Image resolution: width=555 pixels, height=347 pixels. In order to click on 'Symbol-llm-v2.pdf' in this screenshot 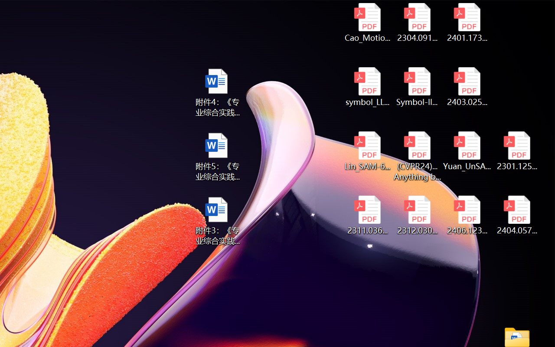, I will do `click(417, 87)`.